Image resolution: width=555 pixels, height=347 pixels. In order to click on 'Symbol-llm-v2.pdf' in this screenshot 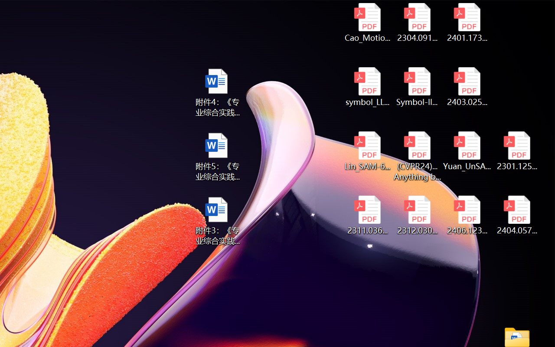, I will do `click(417, 87)`.